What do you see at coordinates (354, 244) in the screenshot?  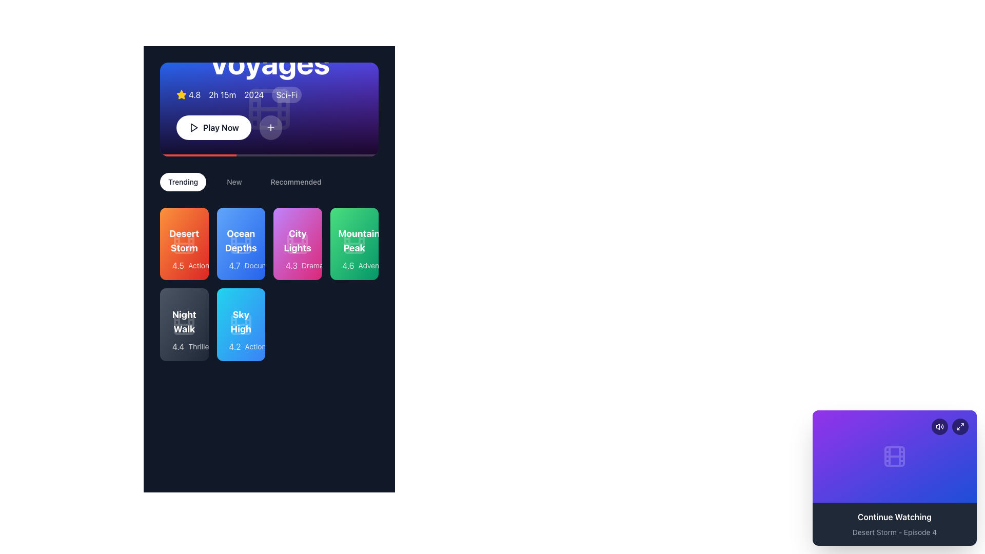 I see `the film/video content icon located on the green card, which is the fourth item in the first row of content cards under the 'Trending' tab` at bounding box center [354, 244].